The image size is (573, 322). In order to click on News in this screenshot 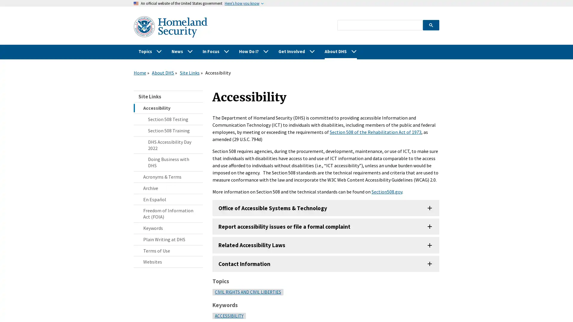, I will do `click(182, 51)`.